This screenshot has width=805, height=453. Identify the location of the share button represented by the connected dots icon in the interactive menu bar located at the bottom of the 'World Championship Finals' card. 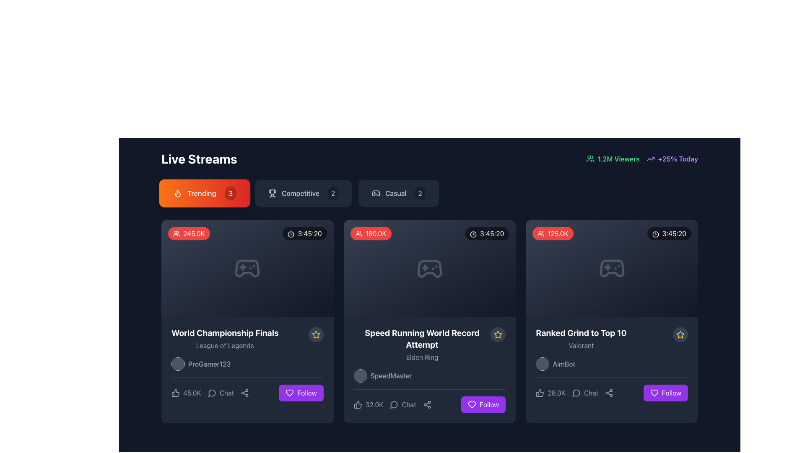
(247, 389).